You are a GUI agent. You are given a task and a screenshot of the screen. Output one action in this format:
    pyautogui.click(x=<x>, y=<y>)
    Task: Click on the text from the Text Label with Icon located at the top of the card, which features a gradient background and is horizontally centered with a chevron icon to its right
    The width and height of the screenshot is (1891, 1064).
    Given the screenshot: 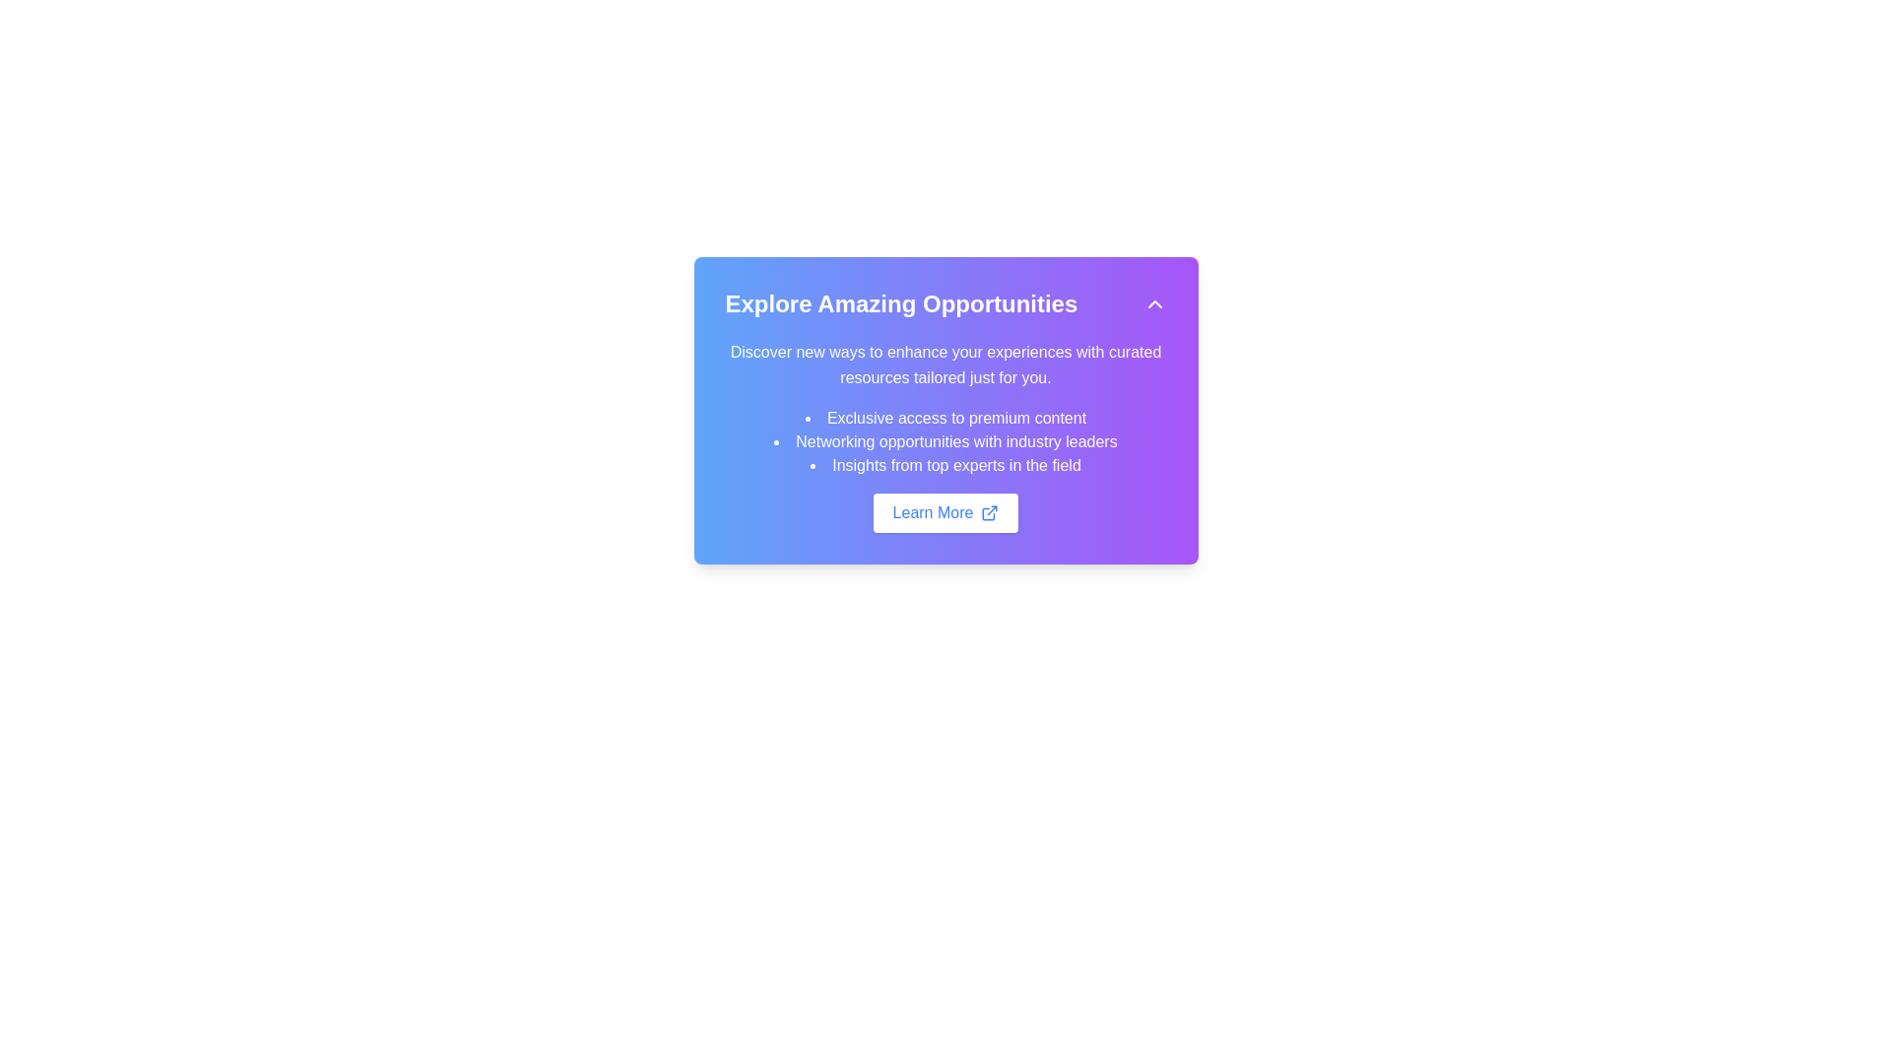 What is the action you would take?
    pyautogui.click(x=945, y=303)
    